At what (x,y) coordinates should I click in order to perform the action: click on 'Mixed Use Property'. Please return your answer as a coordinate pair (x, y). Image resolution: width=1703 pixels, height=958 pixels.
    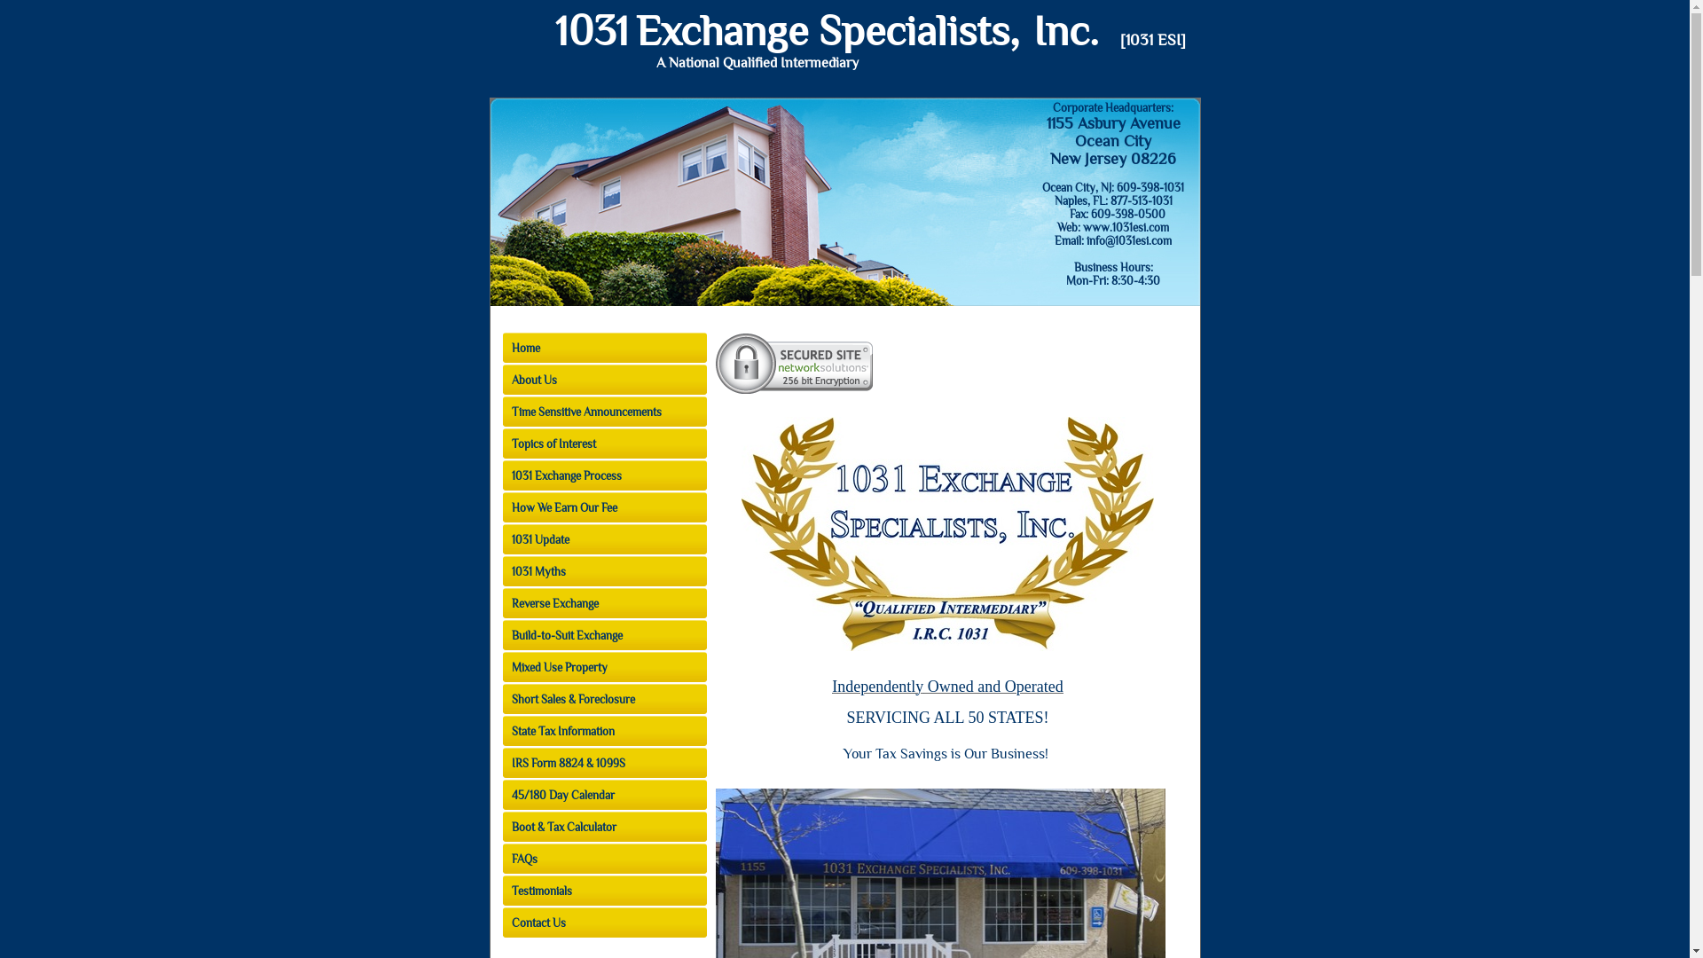
    Looking at the image, I should click on (604, 667).